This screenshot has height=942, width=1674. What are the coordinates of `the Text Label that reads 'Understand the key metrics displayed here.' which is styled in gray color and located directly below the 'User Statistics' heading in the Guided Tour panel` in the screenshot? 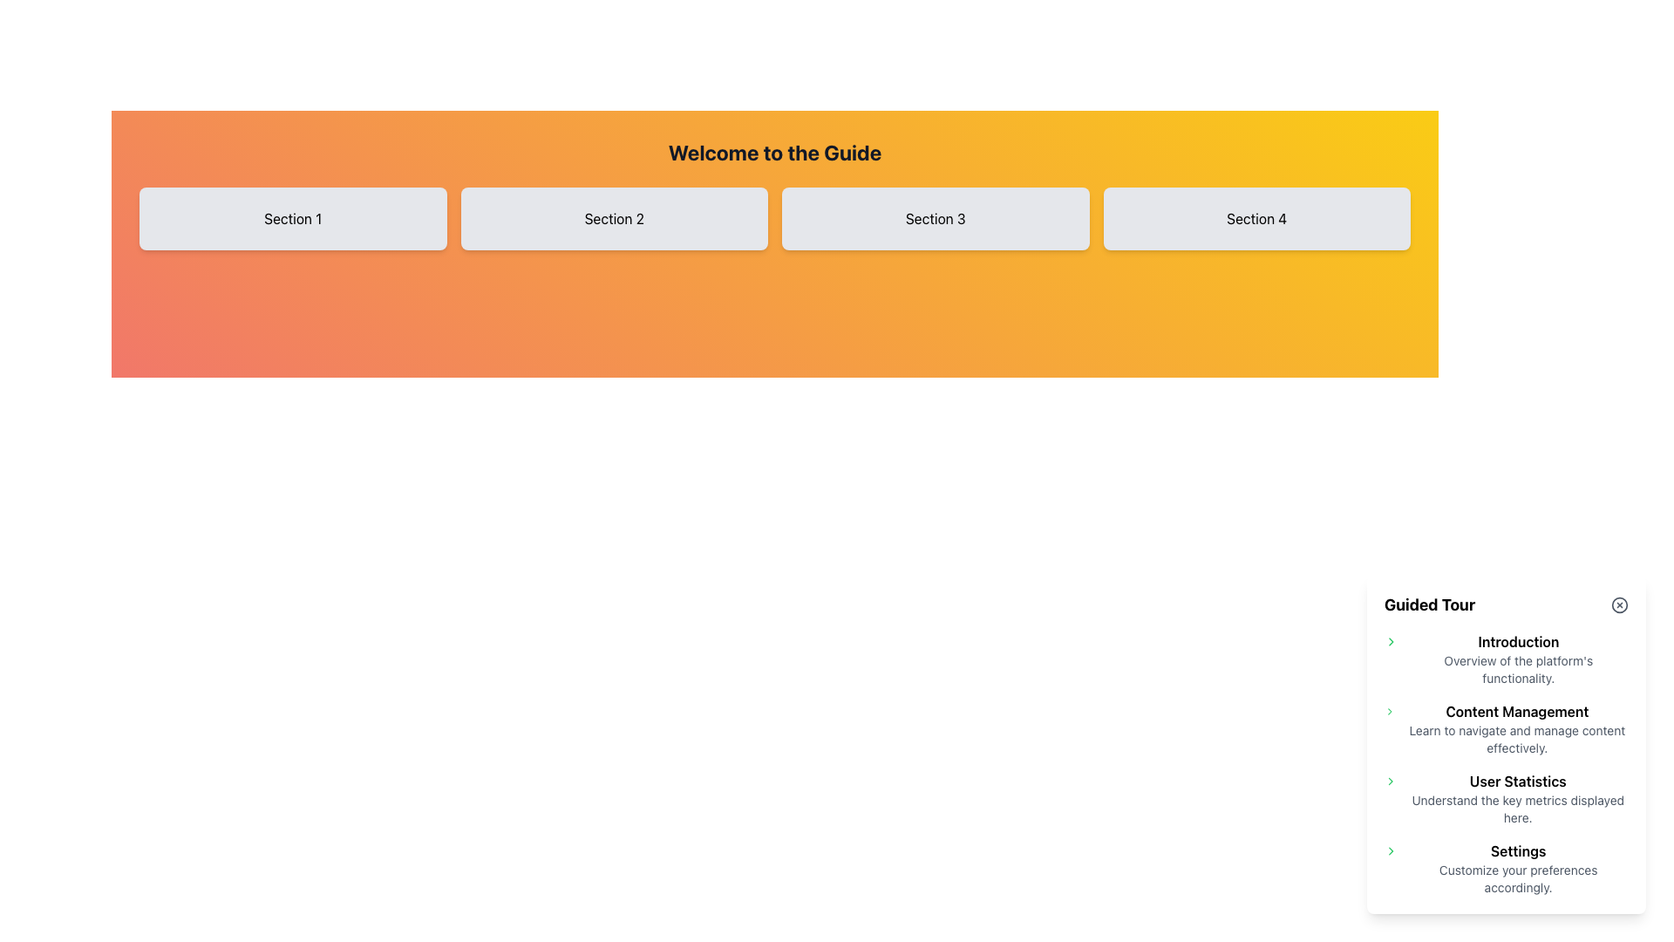 It's located at (1517, 809).